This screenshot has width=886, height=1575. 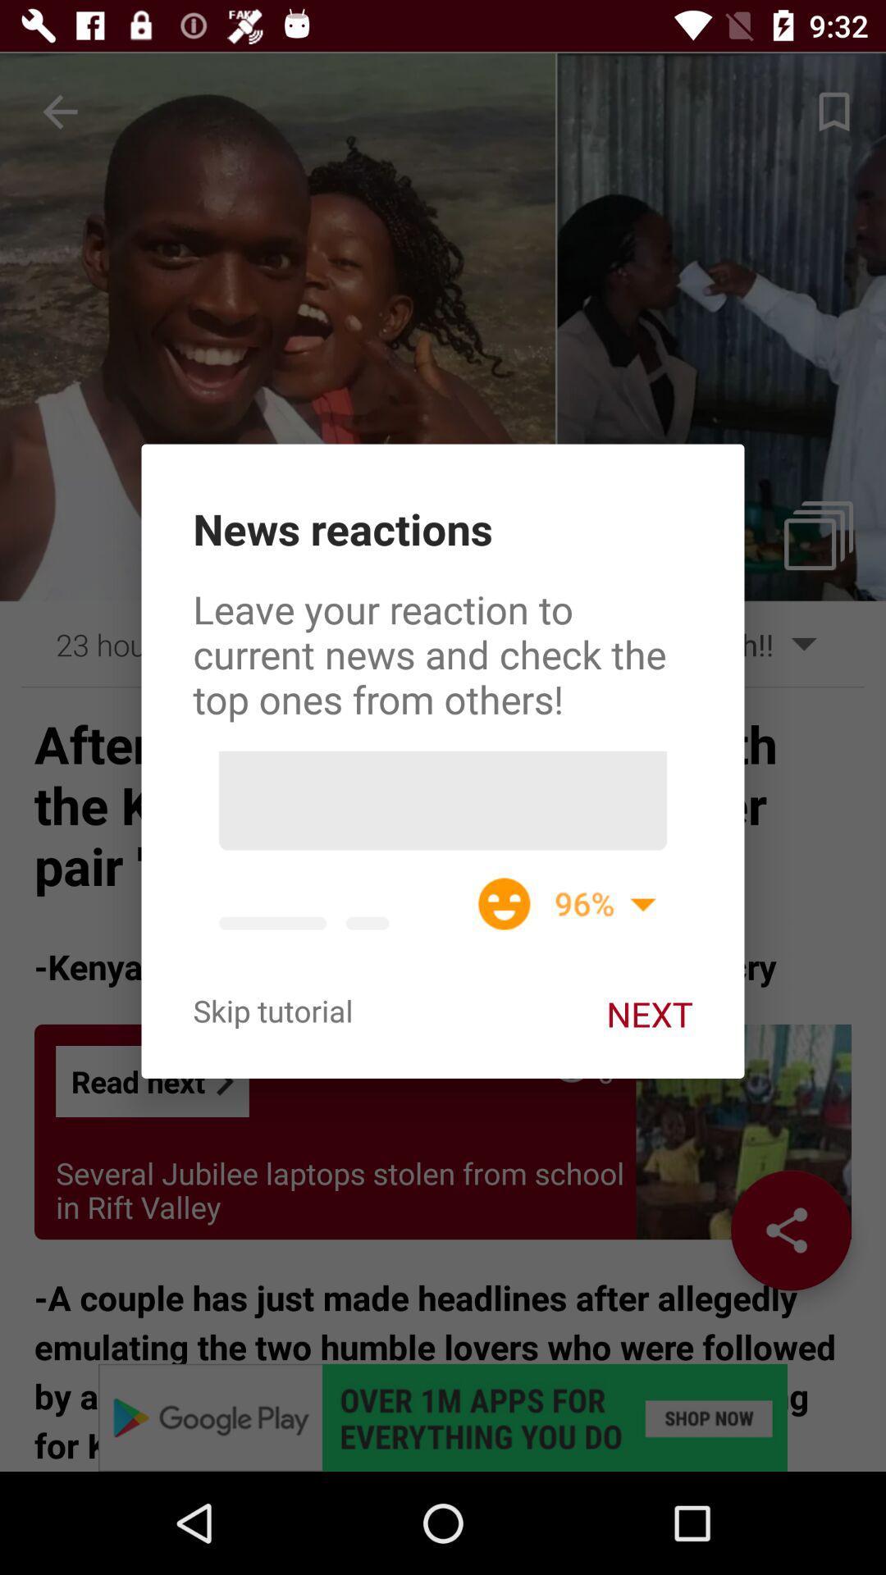 What do you see at coordinates (272, 1010) in the screenshot?
I see `skip tutorial icon` at bounding box center [272, 1010].